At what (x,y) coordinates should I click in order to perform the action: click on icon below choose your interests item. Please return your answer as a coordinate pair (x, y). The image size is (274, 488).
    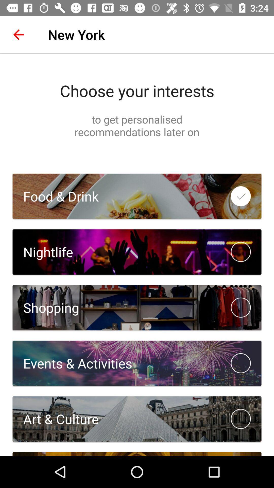
    Looking at the image, I should click on (137, 126).